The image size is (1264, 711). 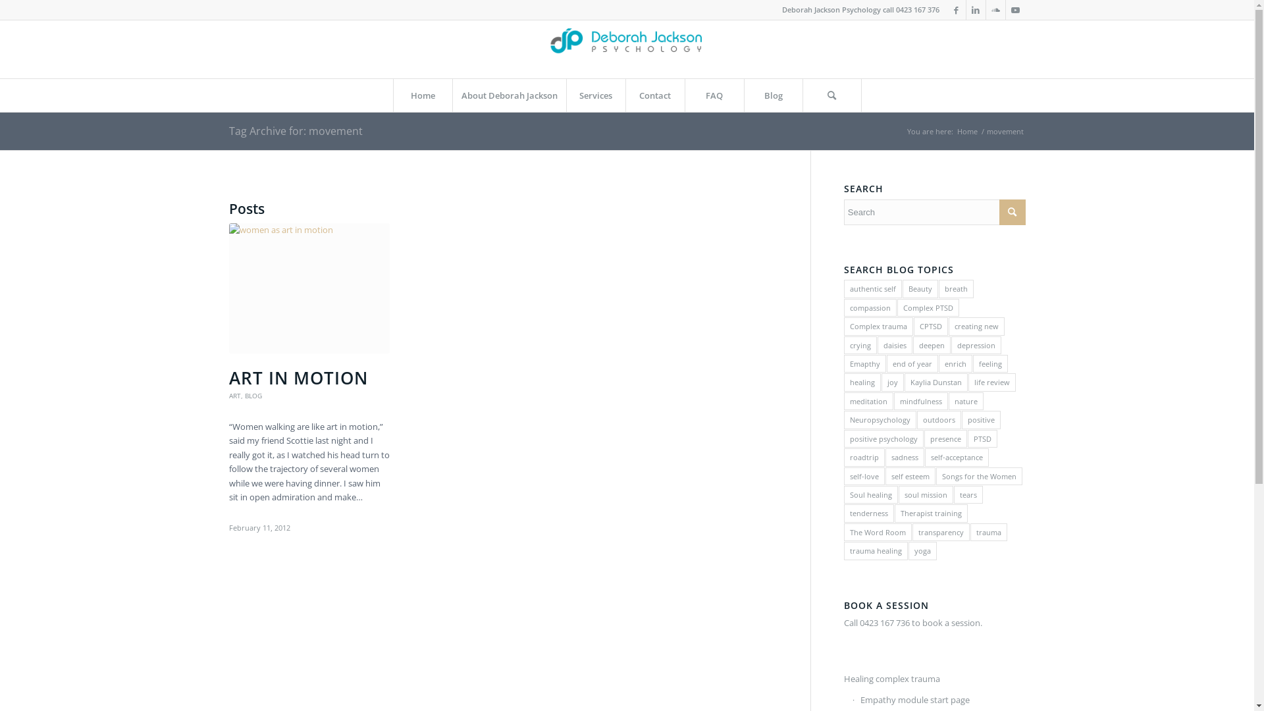 I want to click on 'Soundcloud', so click(x=995, y=10).